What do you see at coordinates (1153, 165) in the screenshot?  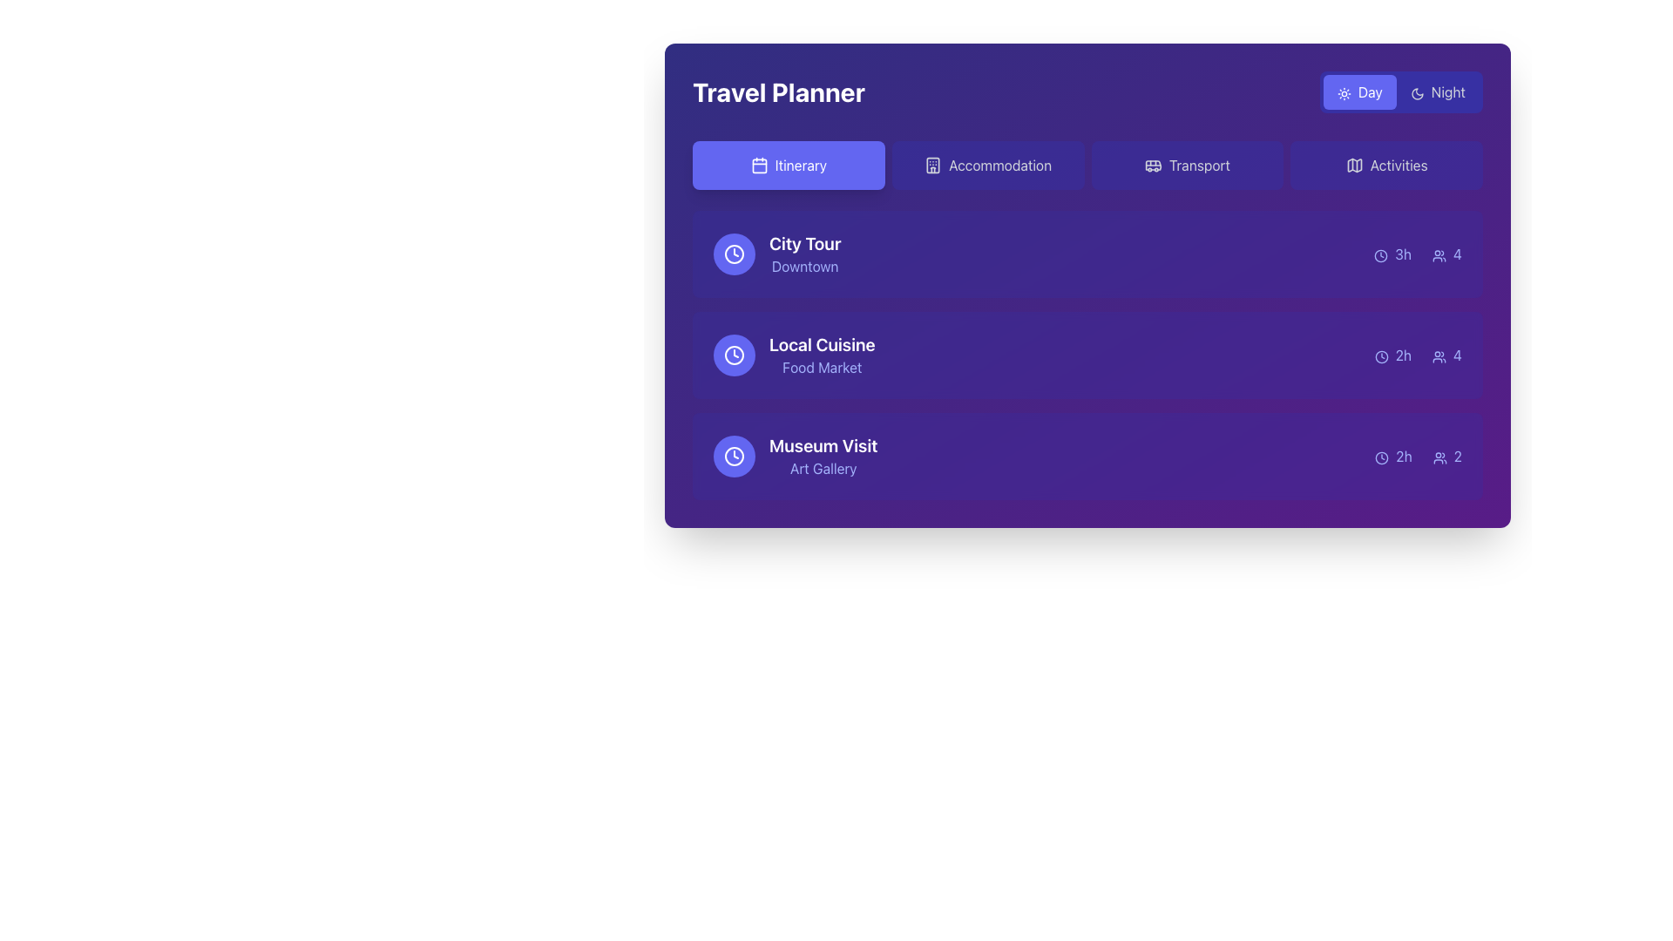 I see `the 'Transport' icon in the navigation bar, which is visually represented` at bounding box center [1153, 165].